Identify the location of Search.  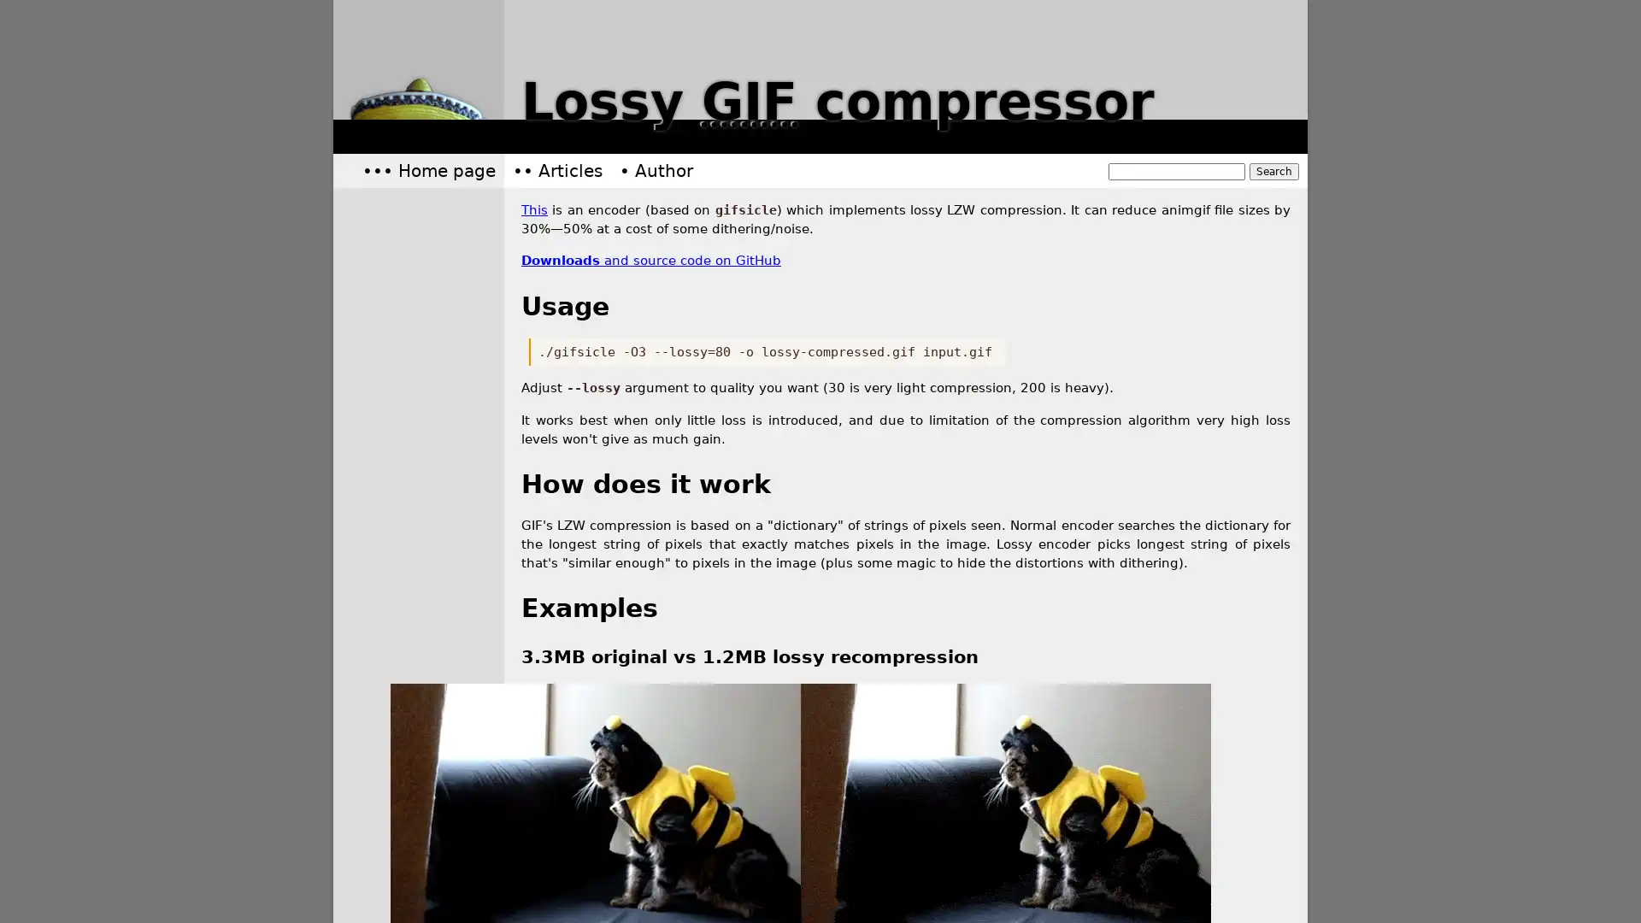
(1274, 171).